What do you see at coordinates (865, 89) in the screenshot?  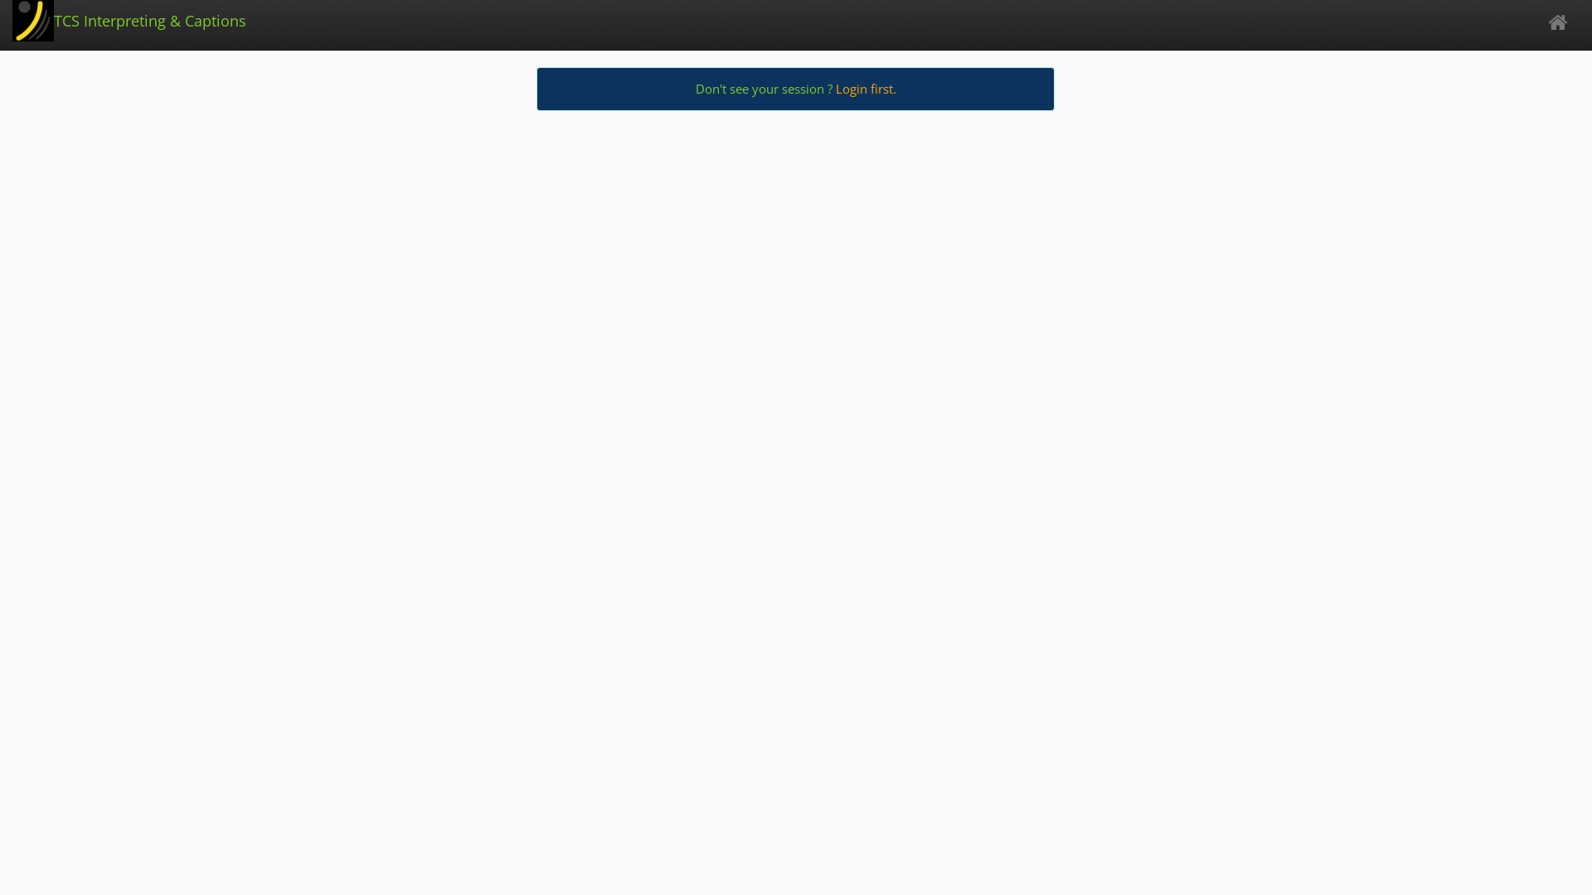 I see `'Login first.'` at bounding box center [865, 89].